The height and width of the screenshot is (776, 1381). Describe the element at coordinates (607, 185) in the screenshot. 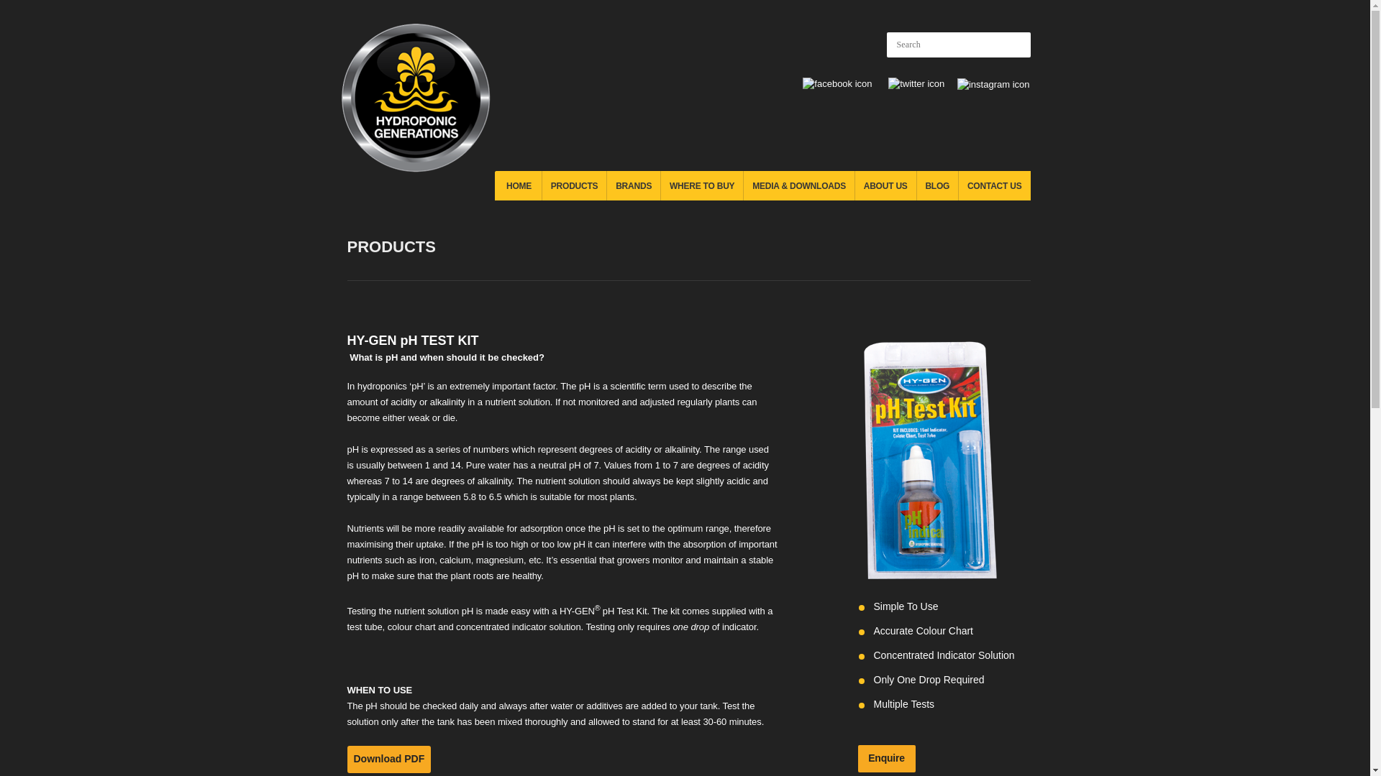

I see `'BRANDS'` at that location.